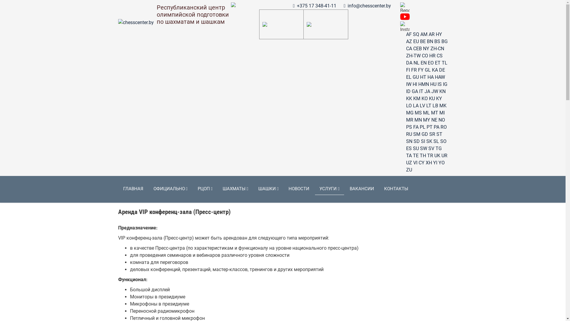 Image resolution: width=570 pixels, height=321 pixels. I want to click on 'KO', so click(424, 98).